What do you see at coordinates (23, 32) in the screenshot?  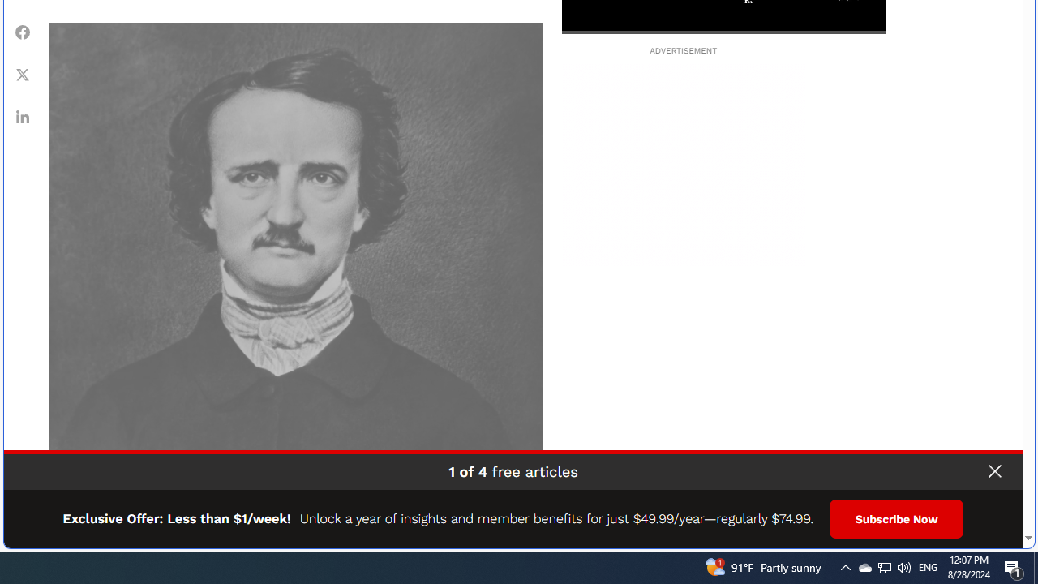 I see `'Class: fs-icon fs-icon--Facebook'` at bounding box center [23, 32].